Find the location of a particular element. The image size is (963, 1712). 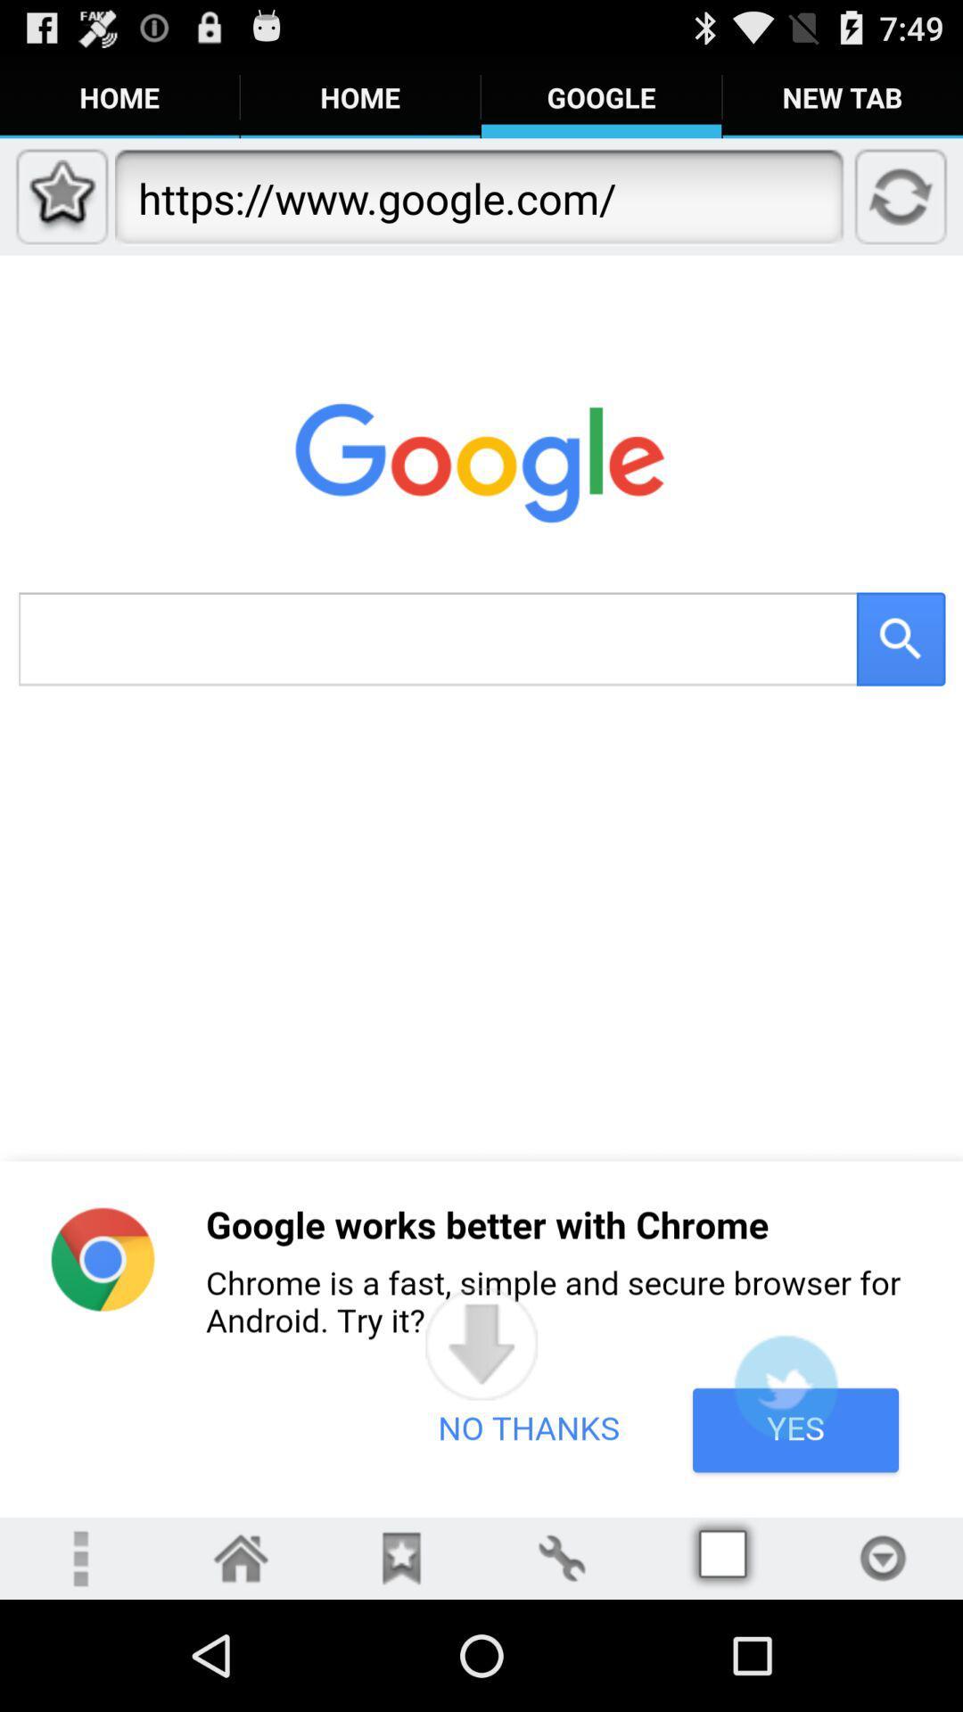

bookmark page is located at coordinates (401, 1557).